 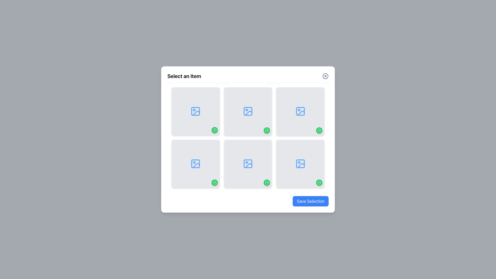 What do you see at coordinates (325, 76) in the screenshot?
I see `the circular close button with an 'X' symbol in the top-right corner of the 'Select an Item' dialog box to change its appearance` at bounding box center [325, 76].